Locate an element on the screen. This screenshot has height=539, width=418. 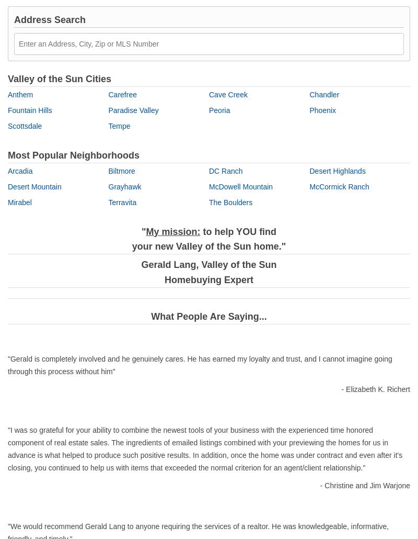
'Valley of the Sun Cities' is located at coordinates (59, 77).